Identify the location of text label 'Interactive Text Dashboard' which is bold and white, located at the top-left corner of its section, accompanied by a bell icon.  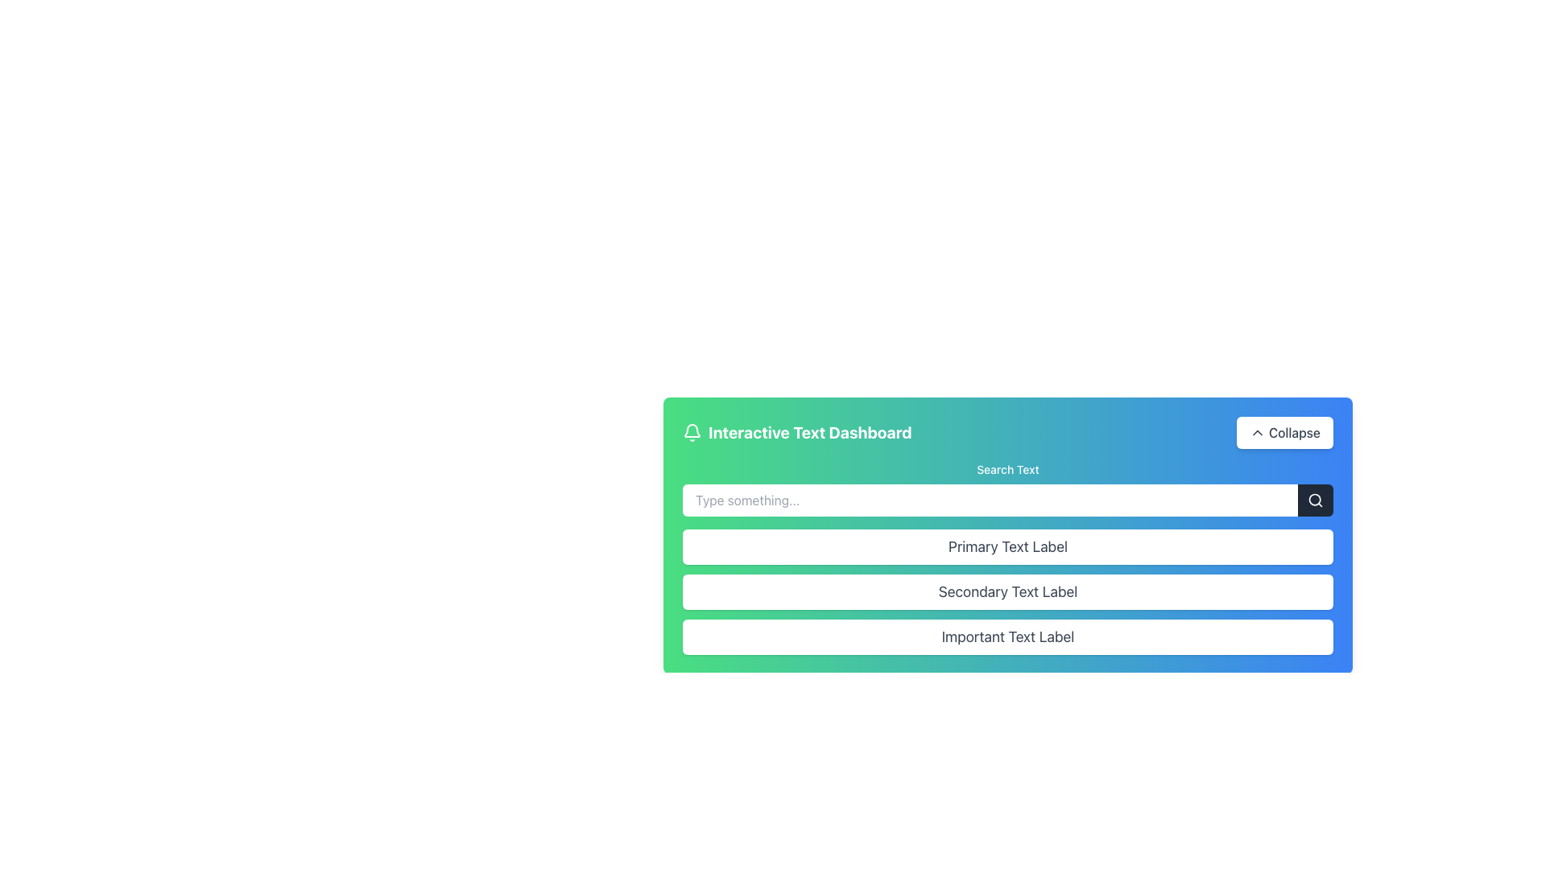
(797, 431).